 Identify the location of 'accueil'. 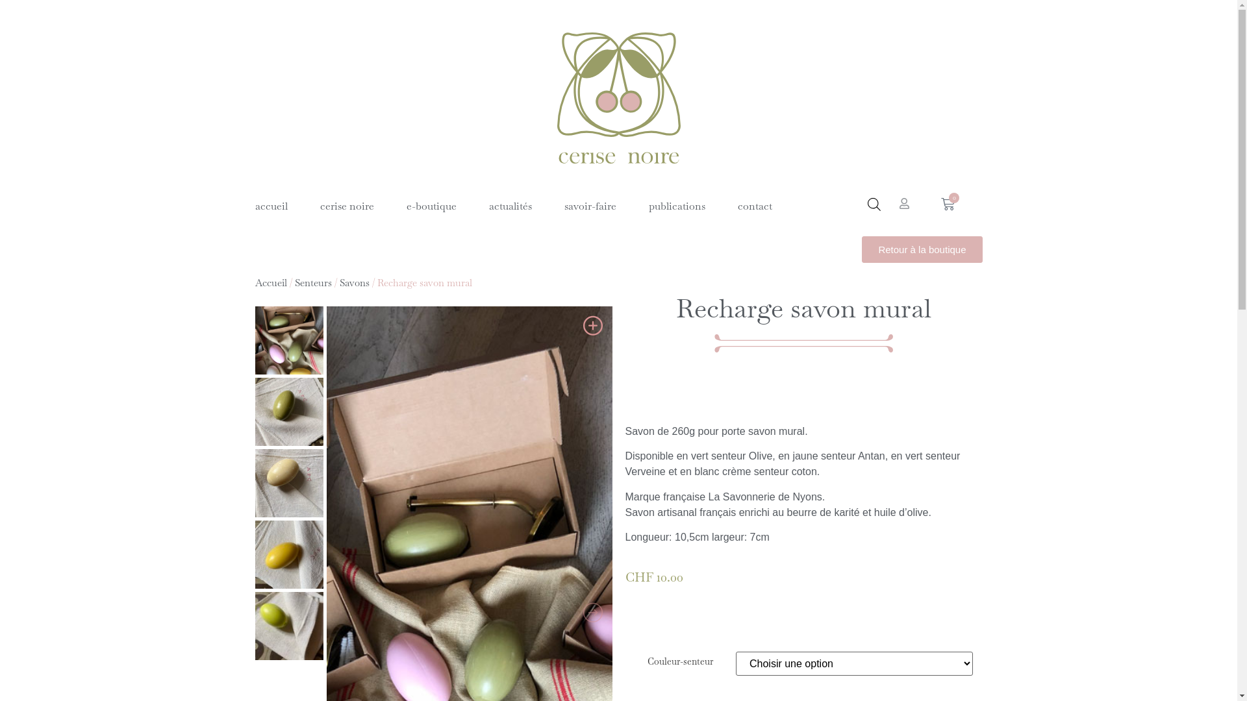
(270, 205).